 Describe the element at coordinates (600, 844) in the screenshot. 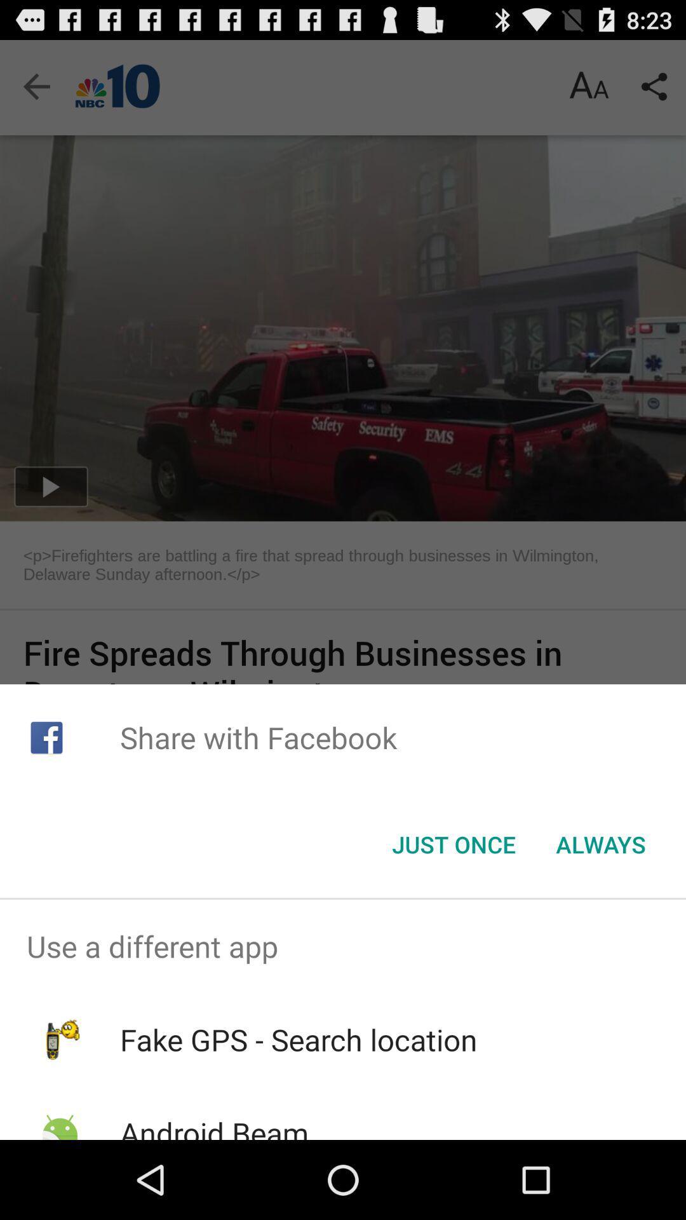

I see `icon to the right of the just once button` at that location.